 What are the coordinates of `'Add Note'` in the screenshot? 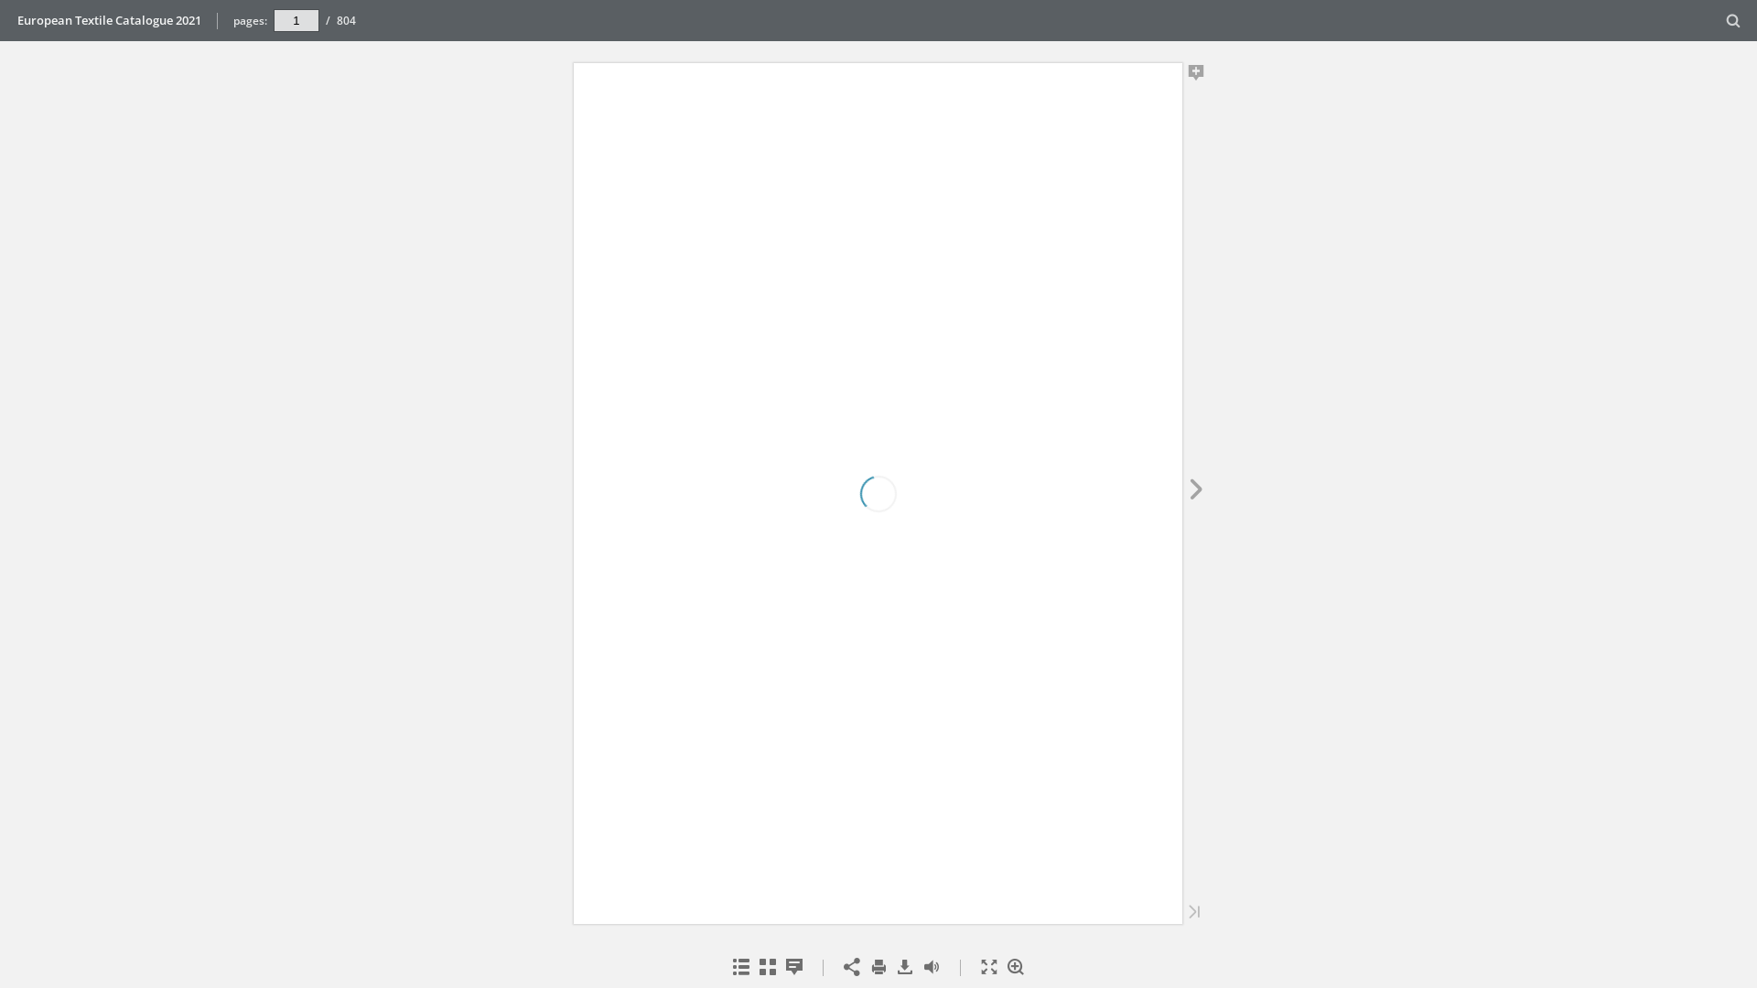 It's located at (1196, 75).